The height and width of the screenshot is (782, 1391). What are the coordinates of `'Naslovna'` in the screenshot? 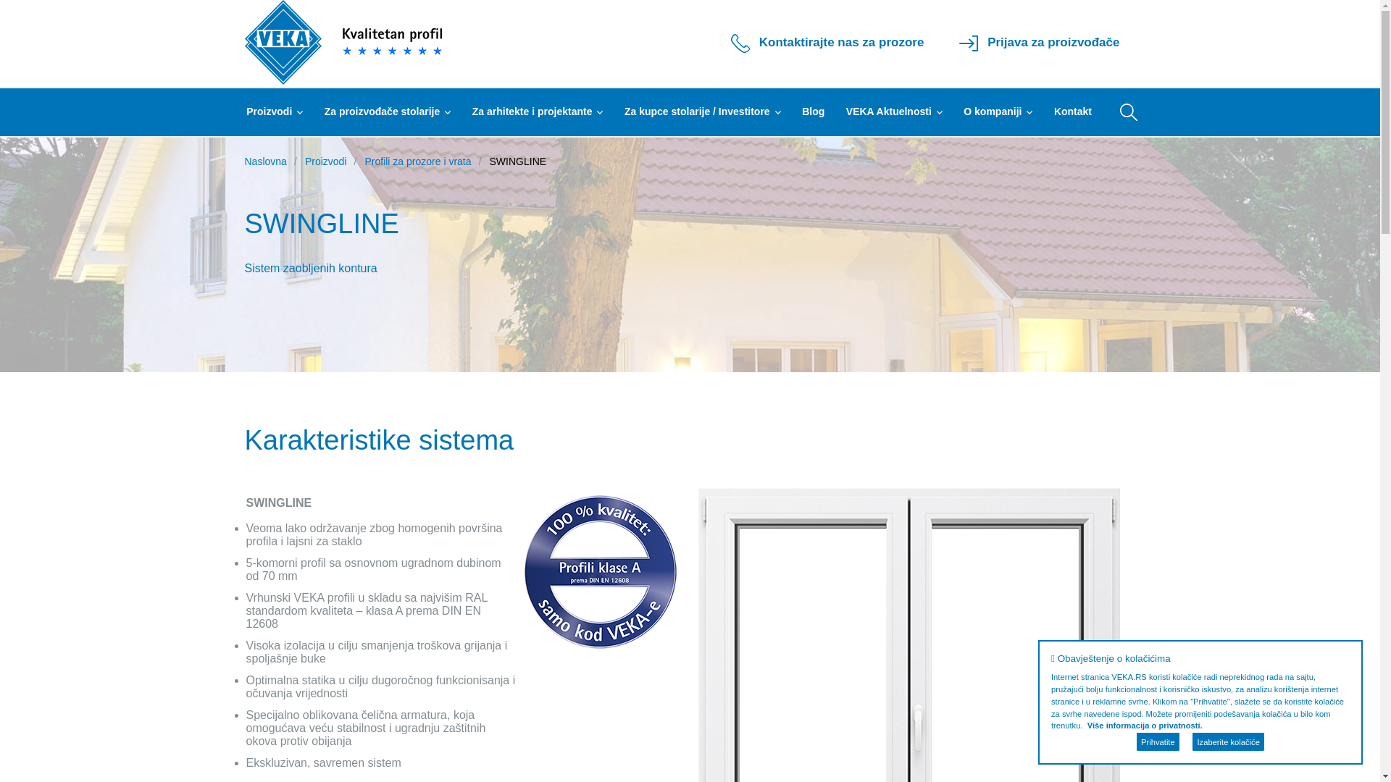 It's located at (265, 161).